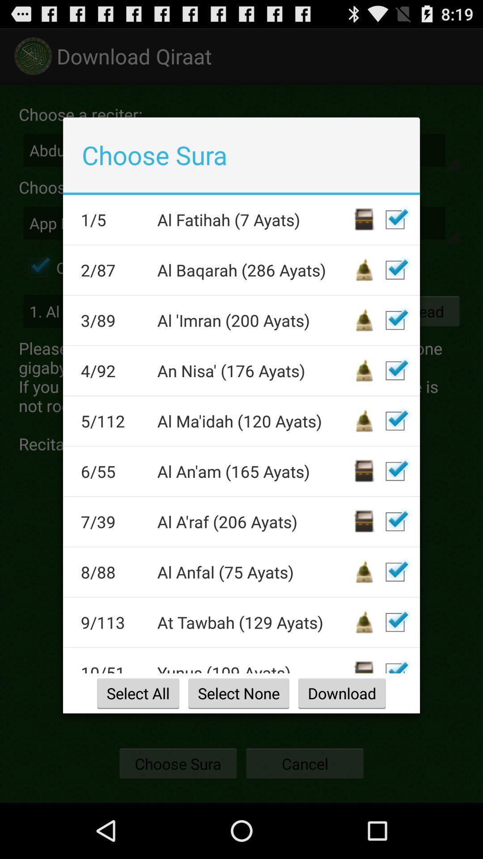  Describe the element at coordinates (394, 421) in the screenshot. I see `deselect` at that location.